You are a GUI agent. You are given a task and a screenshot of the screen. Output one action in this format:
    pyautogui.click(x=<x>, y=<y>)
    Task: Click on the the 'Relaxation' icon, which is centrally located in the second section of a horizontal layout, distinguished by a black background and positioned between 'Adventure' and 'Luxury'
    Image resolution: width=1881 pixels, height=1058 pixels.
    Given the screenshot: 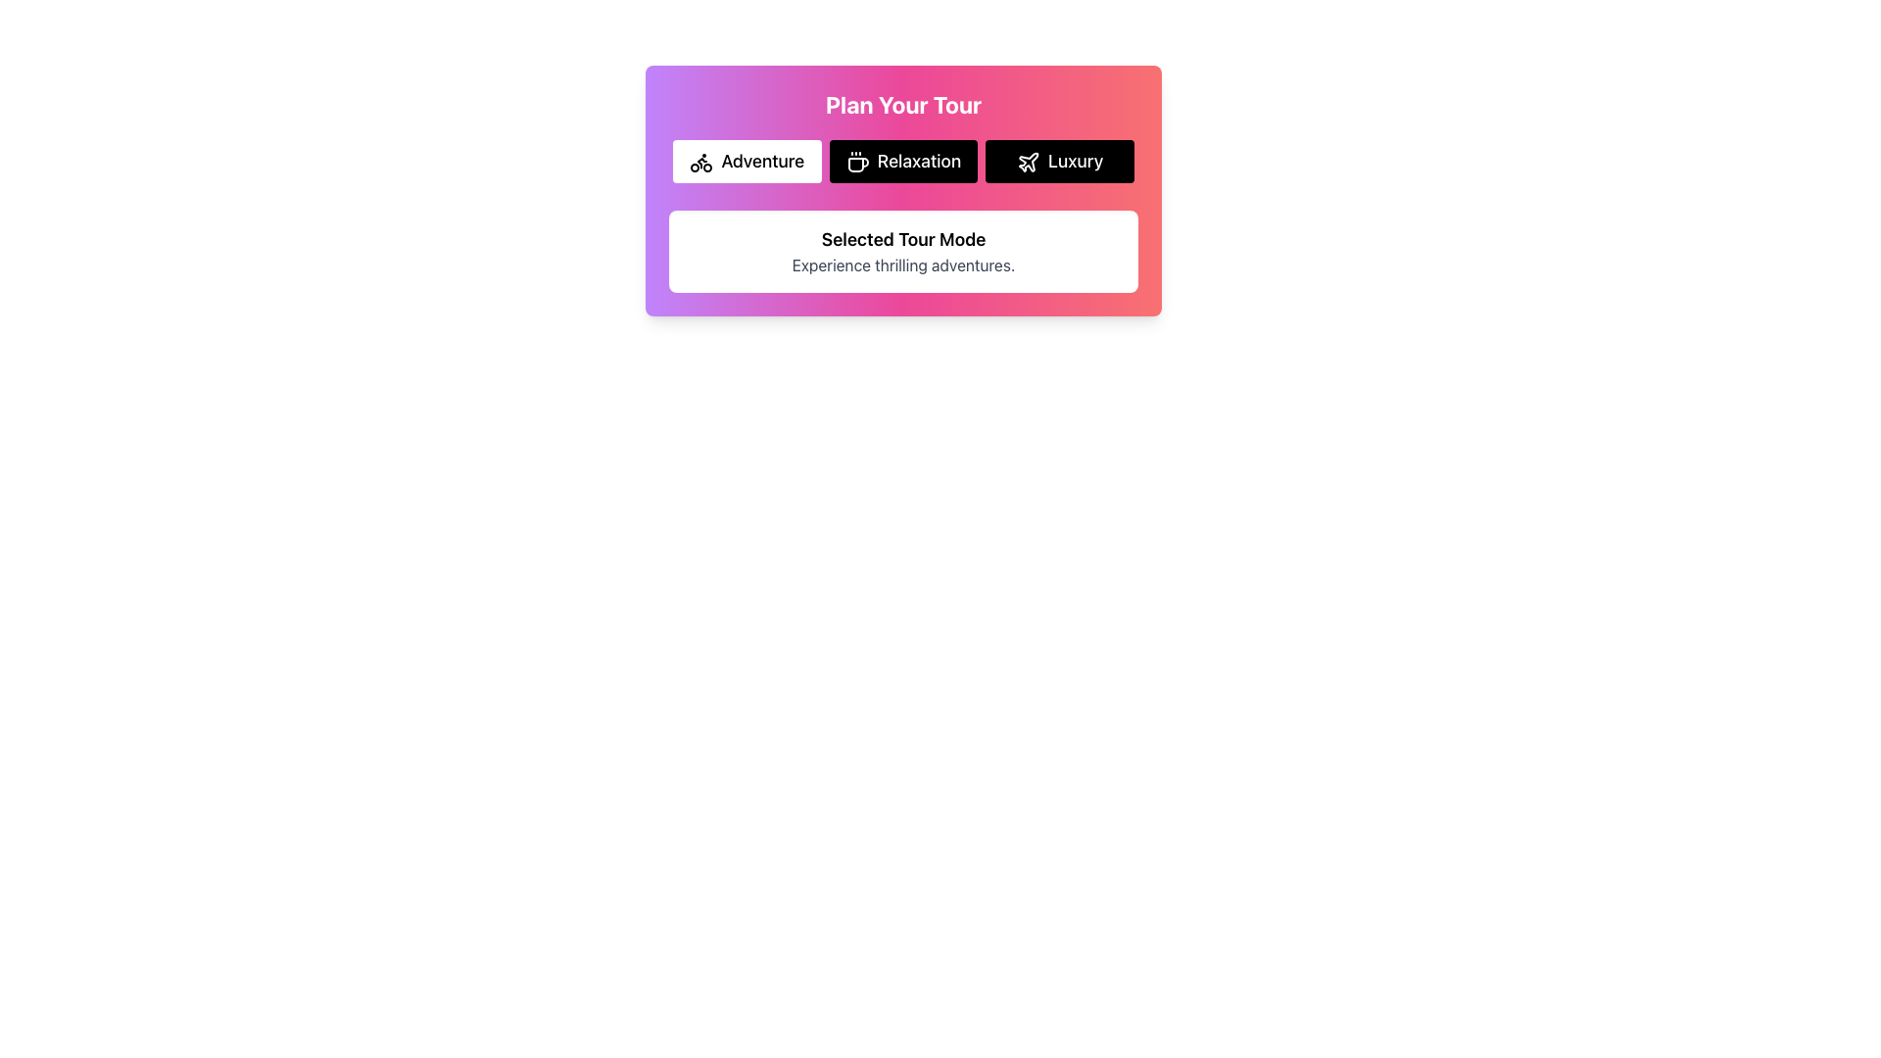 What is the action you would take?
    pyautogui.click(x=858, y=164)
    